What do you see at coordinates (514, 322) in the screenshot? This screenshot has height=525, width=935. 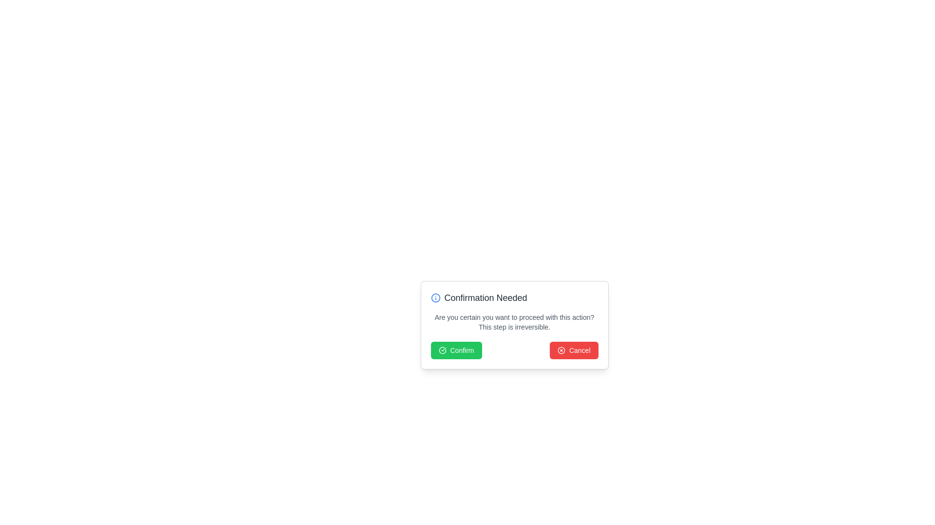 I see `text displayed in the lighter gray font of the confirmation message, which warns about the irreversibility of the action` at bounding box center [514, 322].